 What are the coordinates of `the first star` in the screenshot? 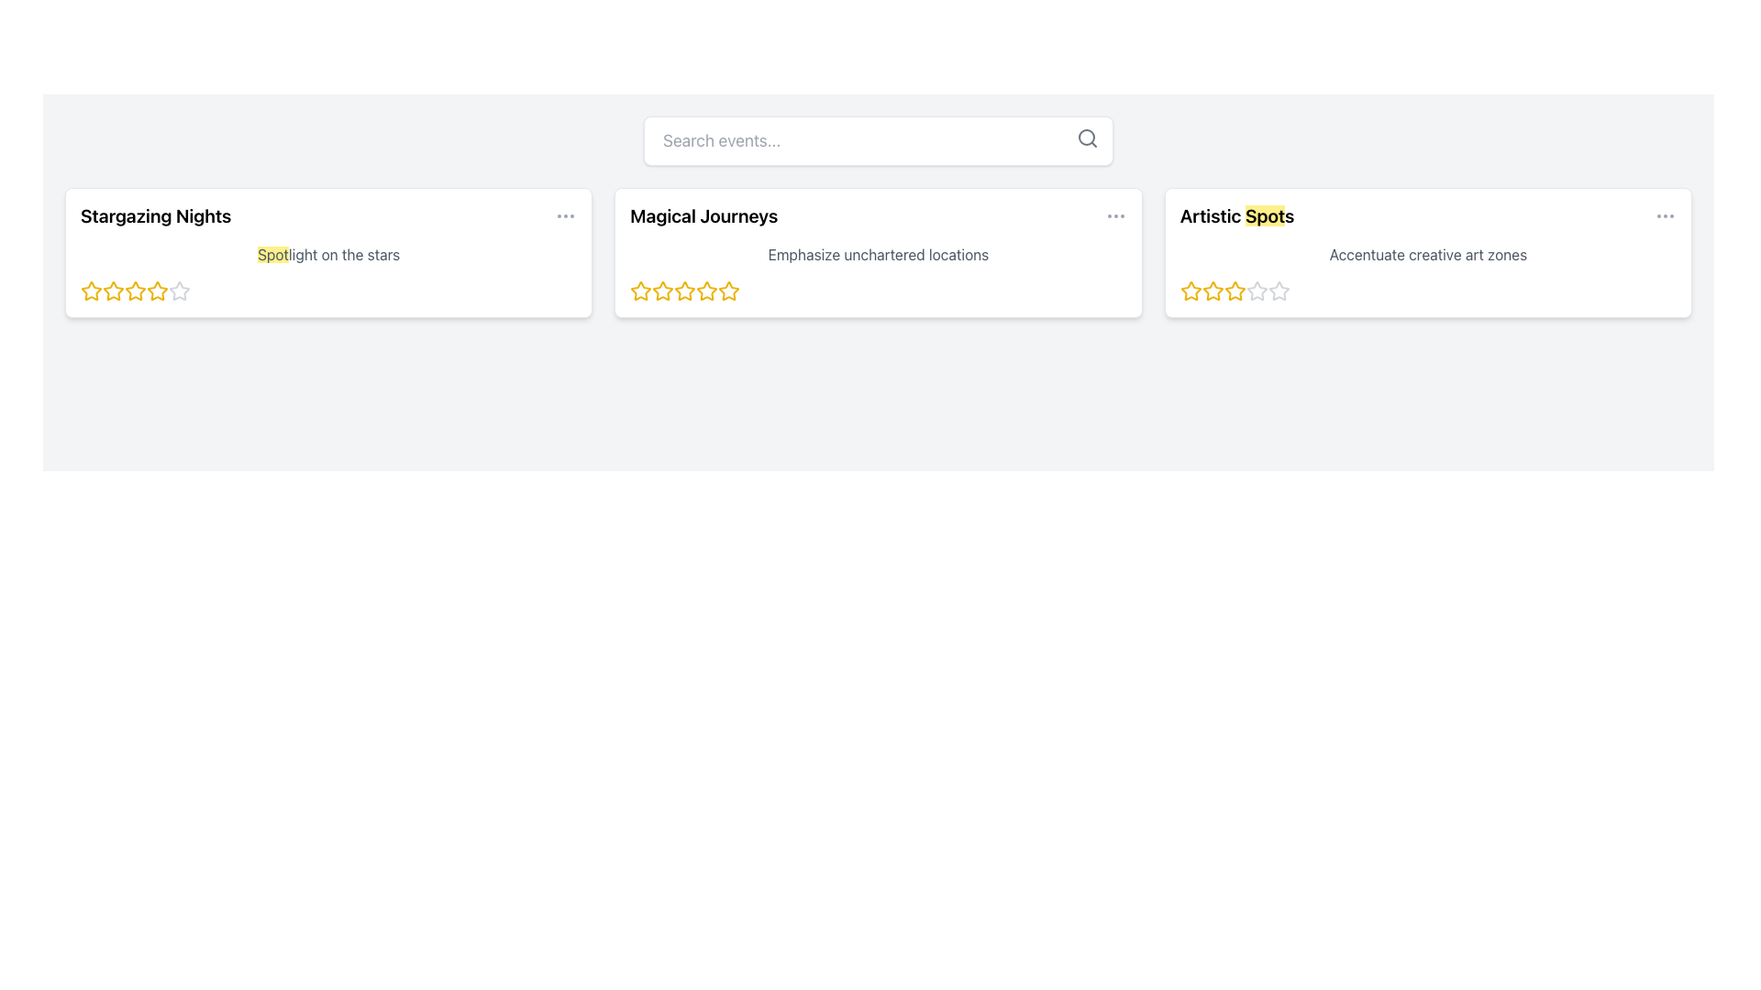 It's located at (641, 290).